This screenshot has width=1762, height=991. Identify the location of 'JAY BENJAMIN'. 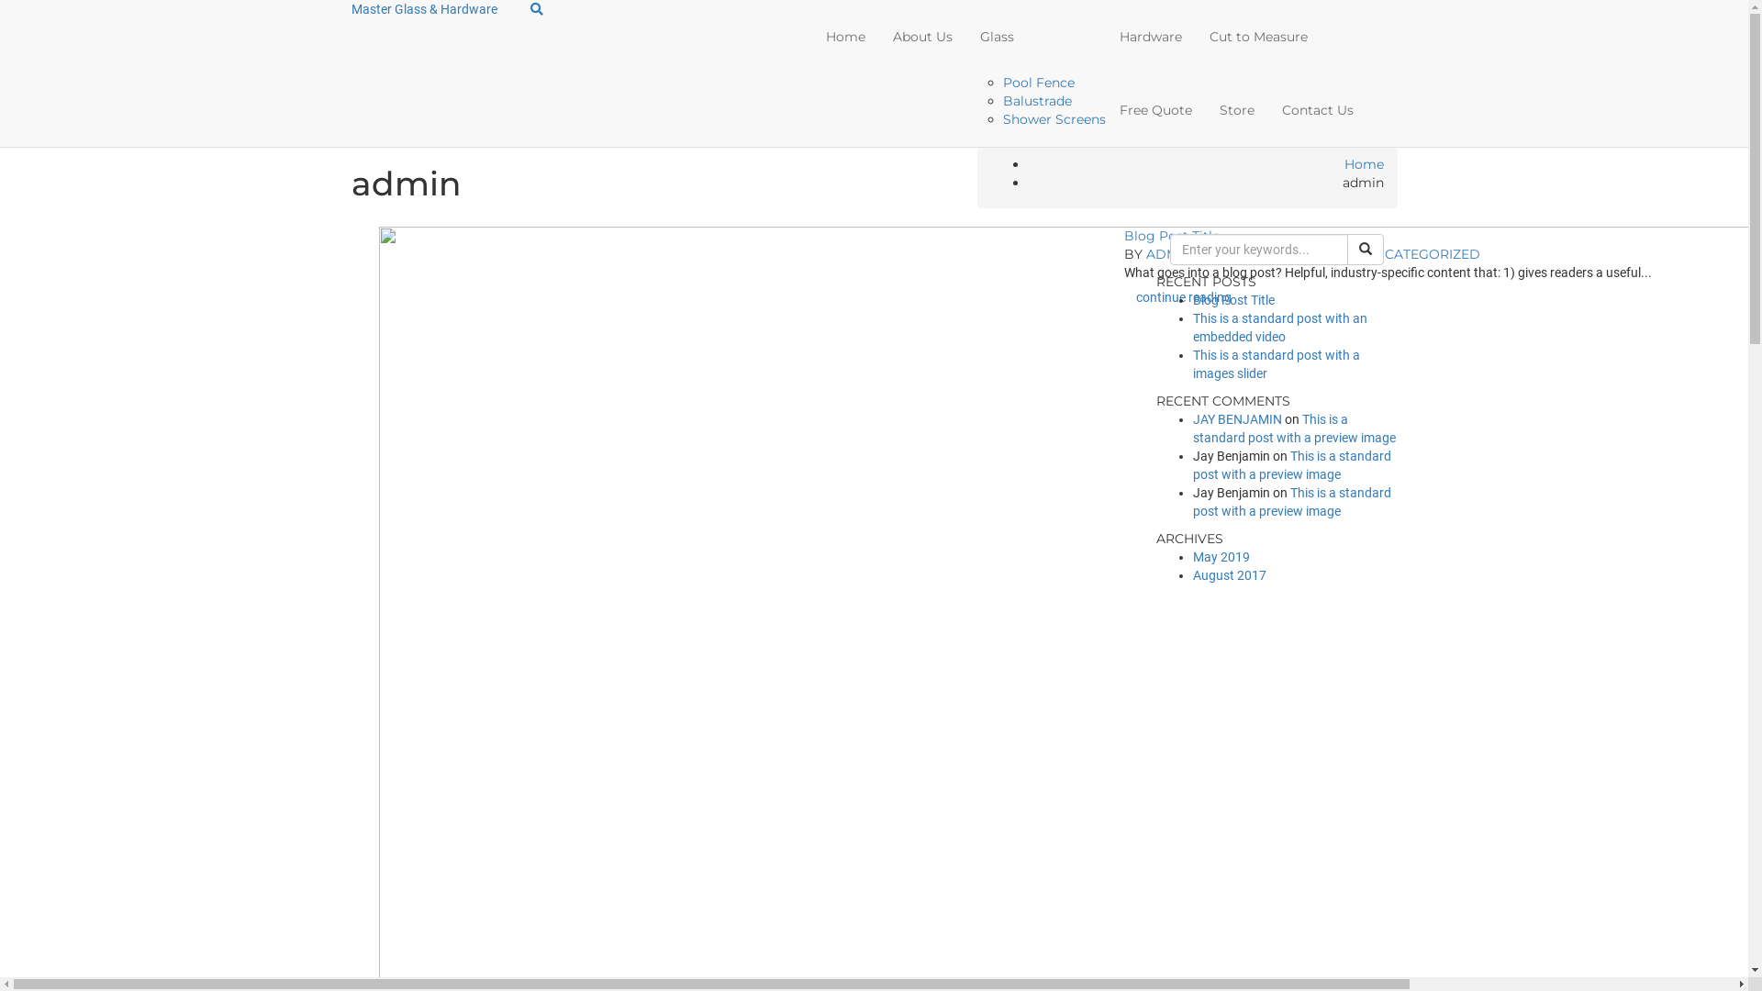
(1237, 418).